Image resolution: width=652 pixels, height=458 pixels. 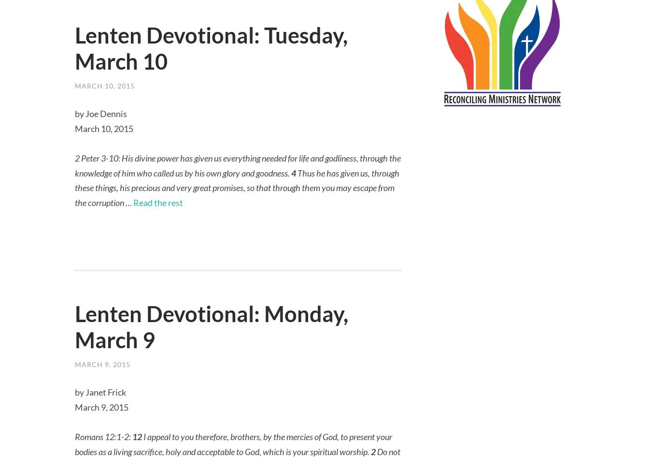 What do you see at coordinates (74, 443) in the screenshot?
I see `'I appeal to you therefore, brothers, by the mercies of God, to present your bodies as a living sacrifice, holy and acceptable to God, which is your spiritual worship.'` at bounding box center [74, 443].